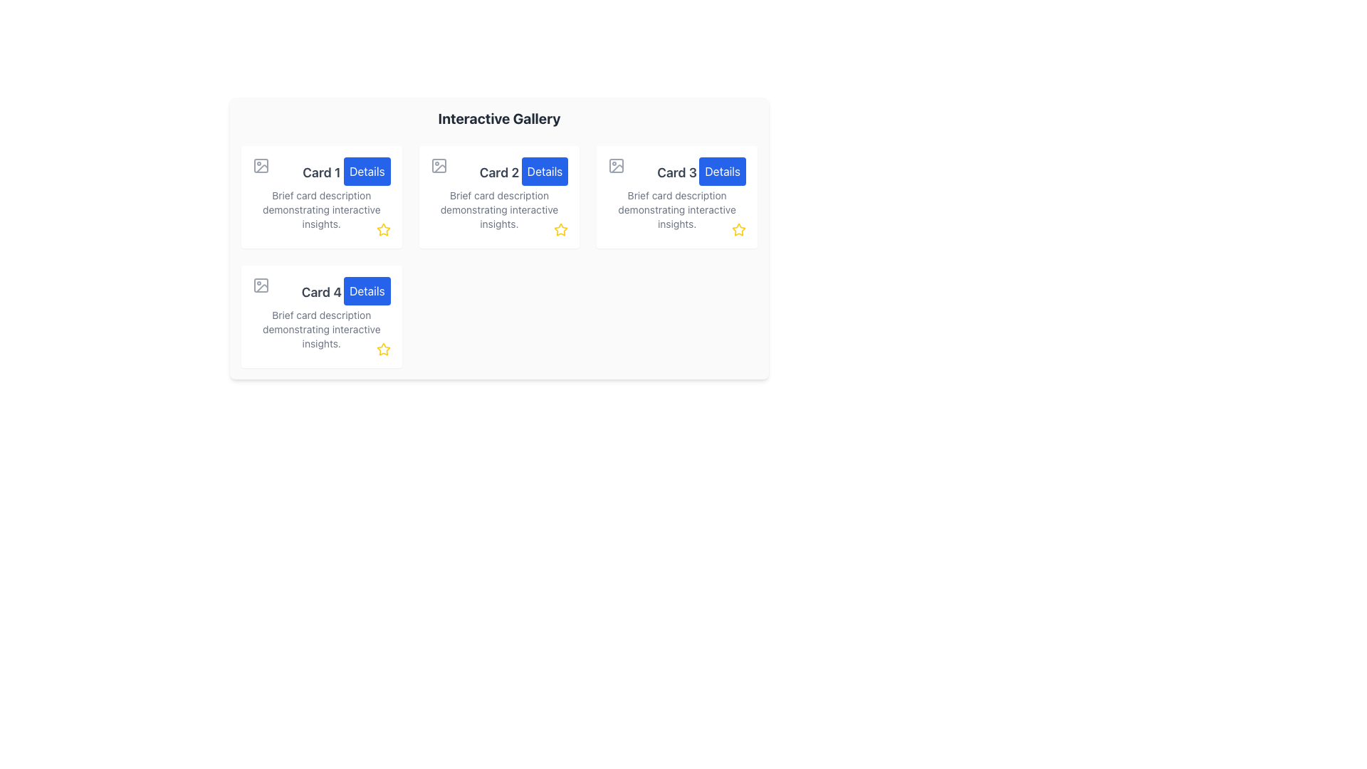 This screenshot has width=1367, height=769. I want to click on the center of the yellow star-shaped icon with a hollow area located at the bottom-right corner of 'Card 2' in the grid, so click(560, 229).